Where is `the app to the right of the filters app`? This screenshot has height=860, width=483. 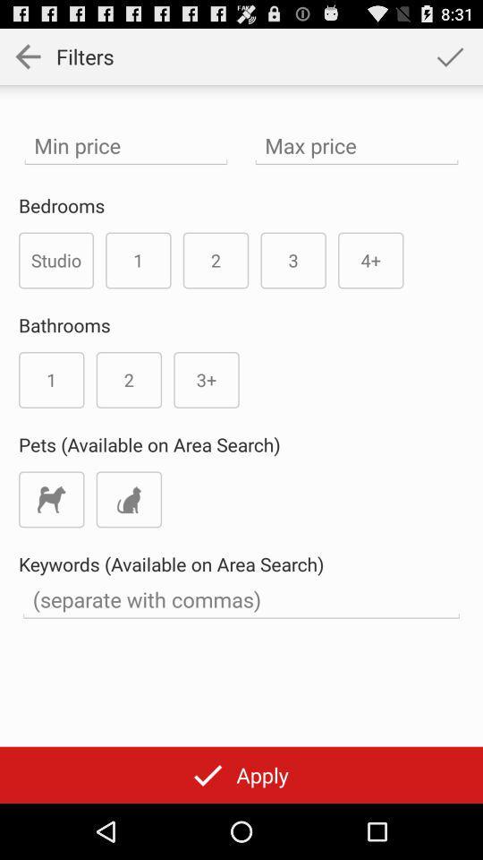
the app to the right of the filters app is located at coordinates (449, 56).